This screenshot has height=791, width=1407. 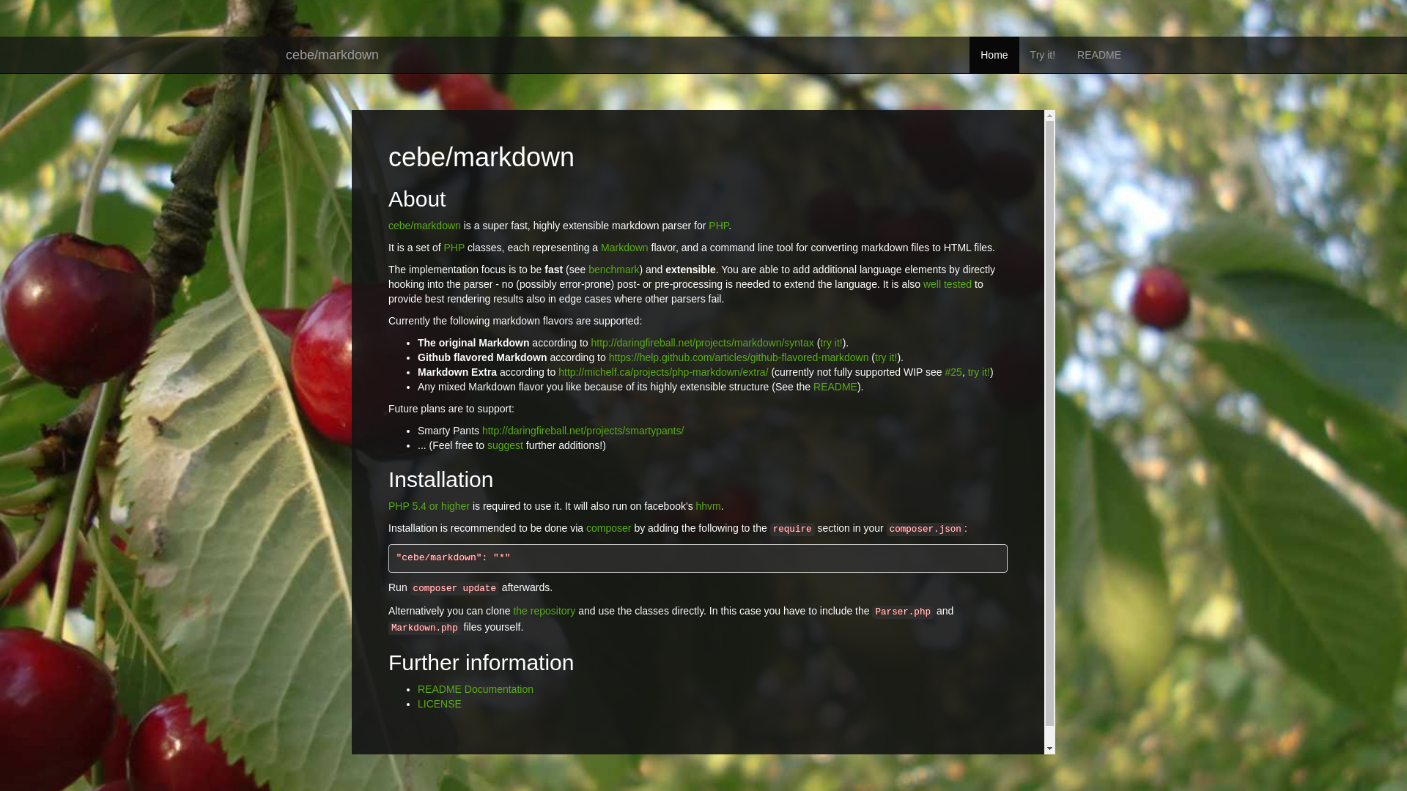 I want to click on 'cebe/markdown', so click(x=331, y=53).